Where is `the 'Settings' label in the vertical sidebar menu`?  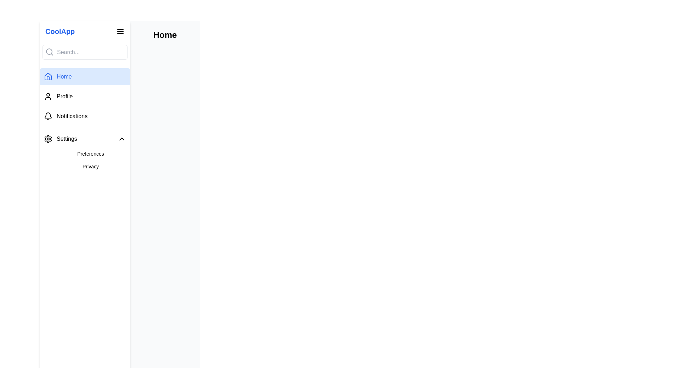
the 'Settings' label in the vertical sidebar menu is located at coordinates (67, 139).